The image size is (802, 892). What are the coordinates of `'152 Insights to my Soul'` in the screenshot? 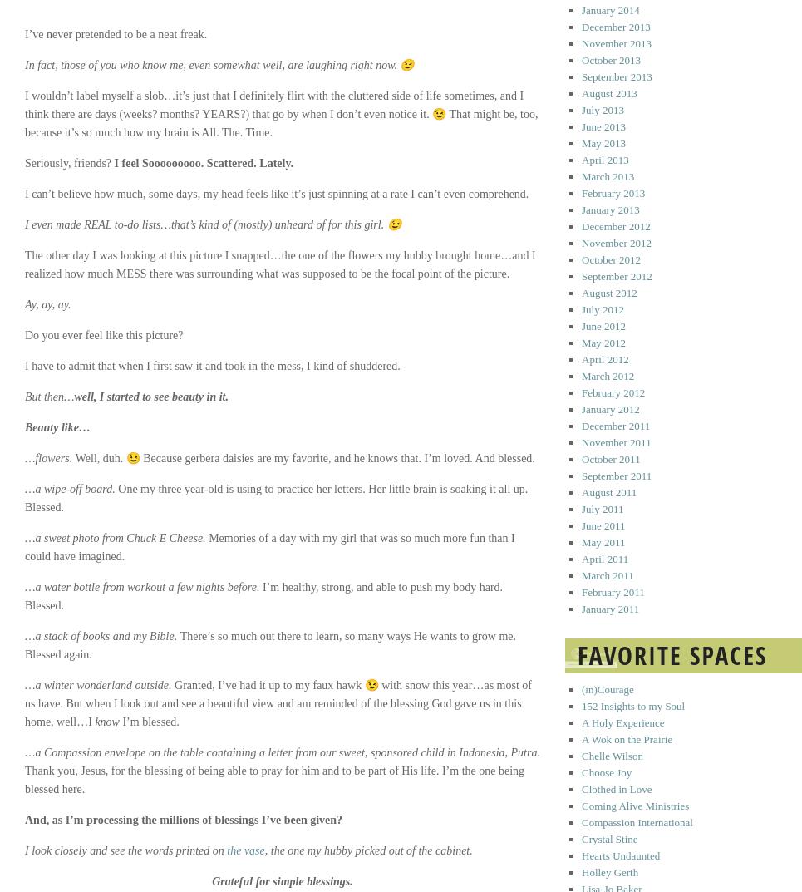 It's located at (632, 705).